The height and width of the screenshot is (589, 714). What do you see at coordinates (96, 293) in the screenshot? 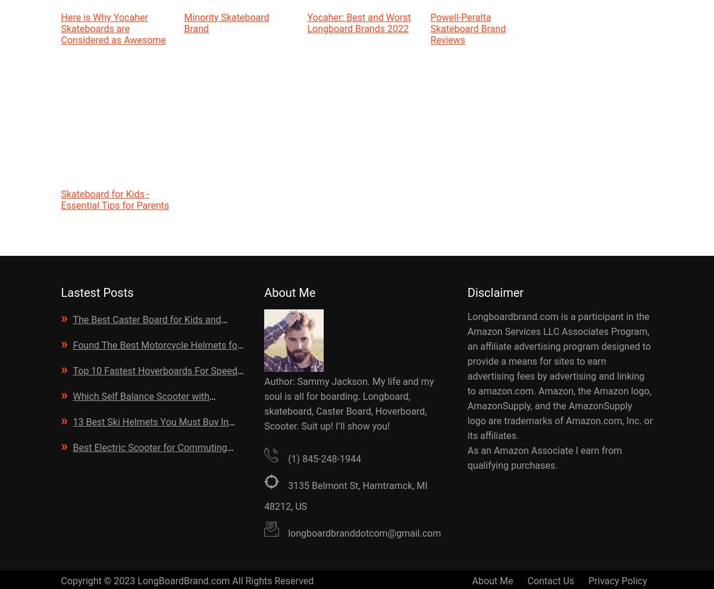
I see `'Lastest Posts'` at bounding box center [96, 293].